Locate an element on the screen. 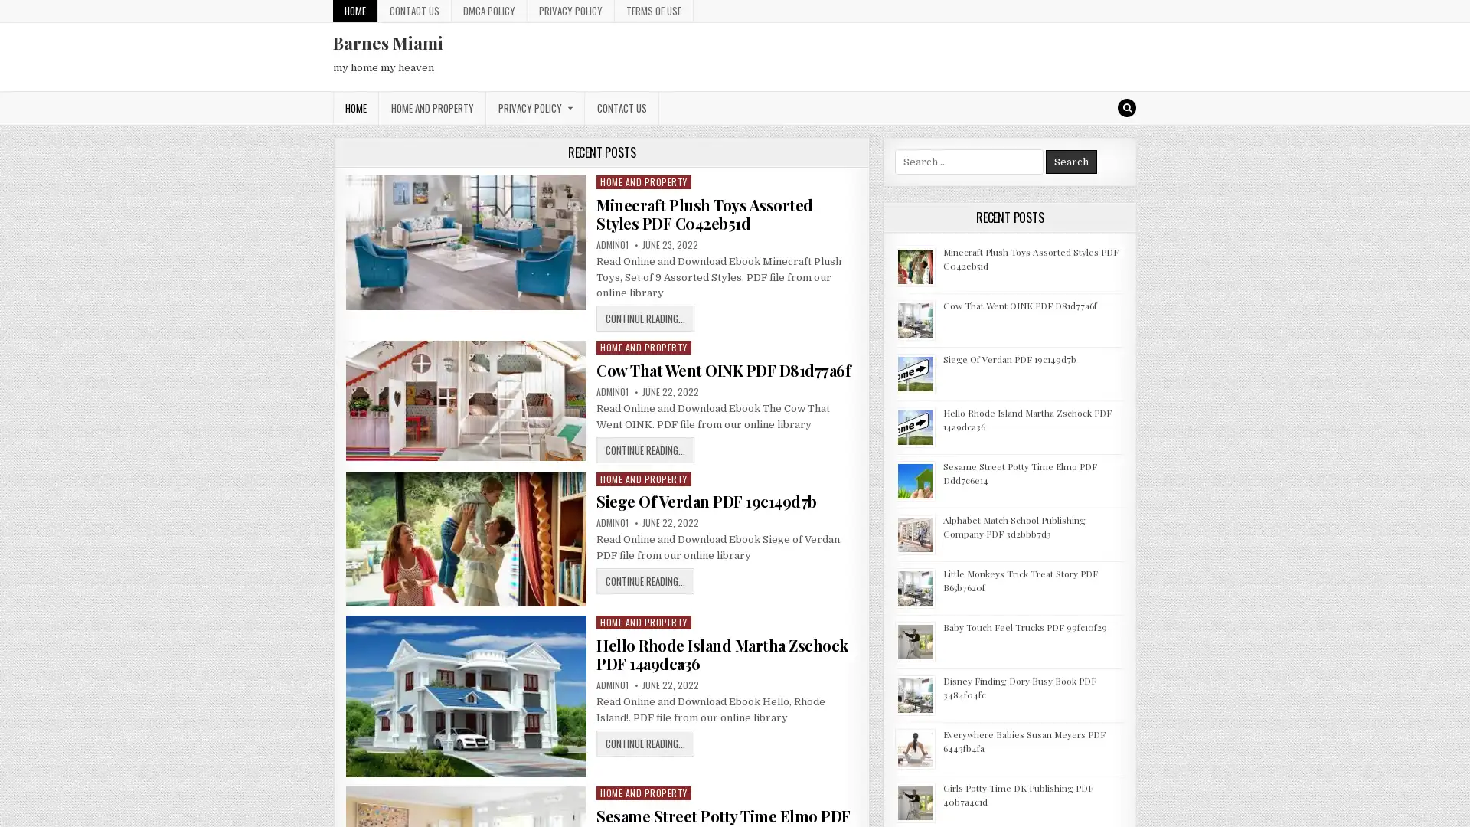  Search is located at coordinates (1070, 162).